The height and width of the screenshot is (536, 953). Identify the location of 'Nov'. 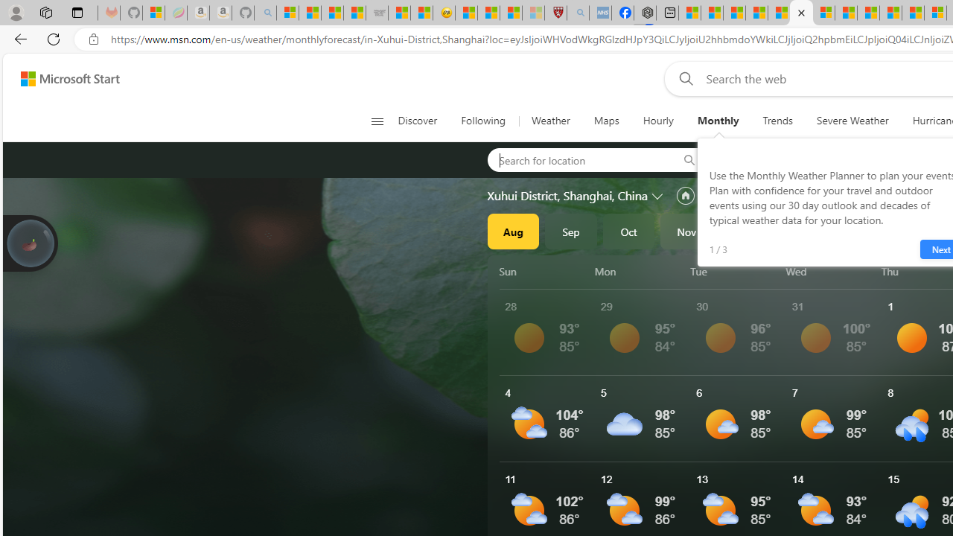
(686, 232).